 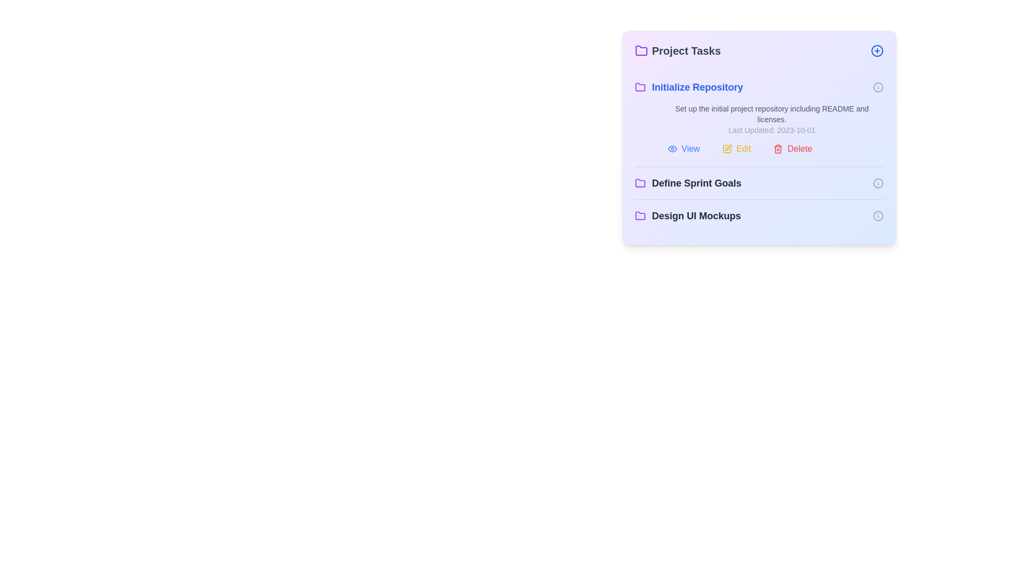 What do you see at coordinates (728, 147) in the screenshot?
I see `the editing icon located in the task management panel, positioned near the top-right corner of the interface` at bounding box center [728, 147].